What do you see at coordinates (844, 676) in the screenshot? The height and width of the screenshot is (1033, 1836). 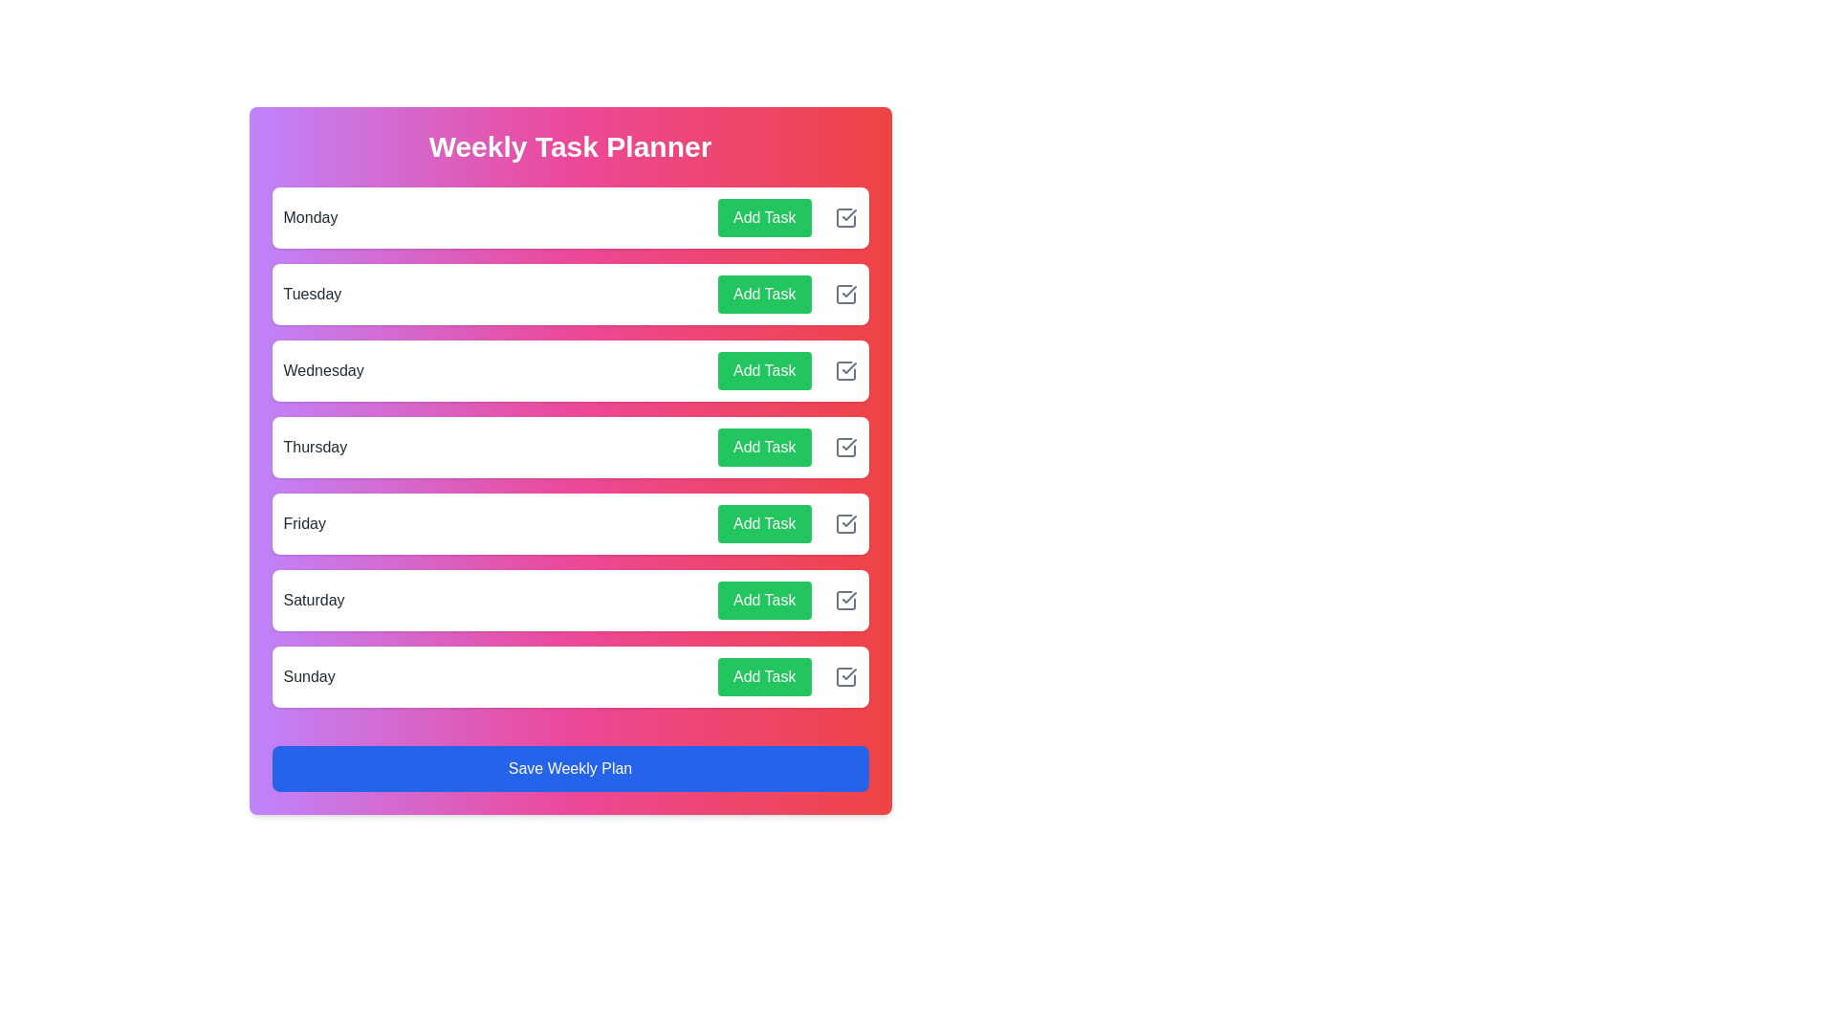 I see `the checkbox icon for Sunday to mark the task as completed` at bounding box center [844, 676].